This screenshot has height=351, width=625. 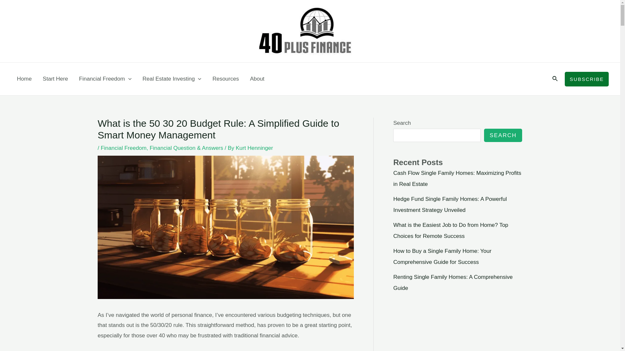 I want to click on 'Start Here', so click(x=55, y=79).